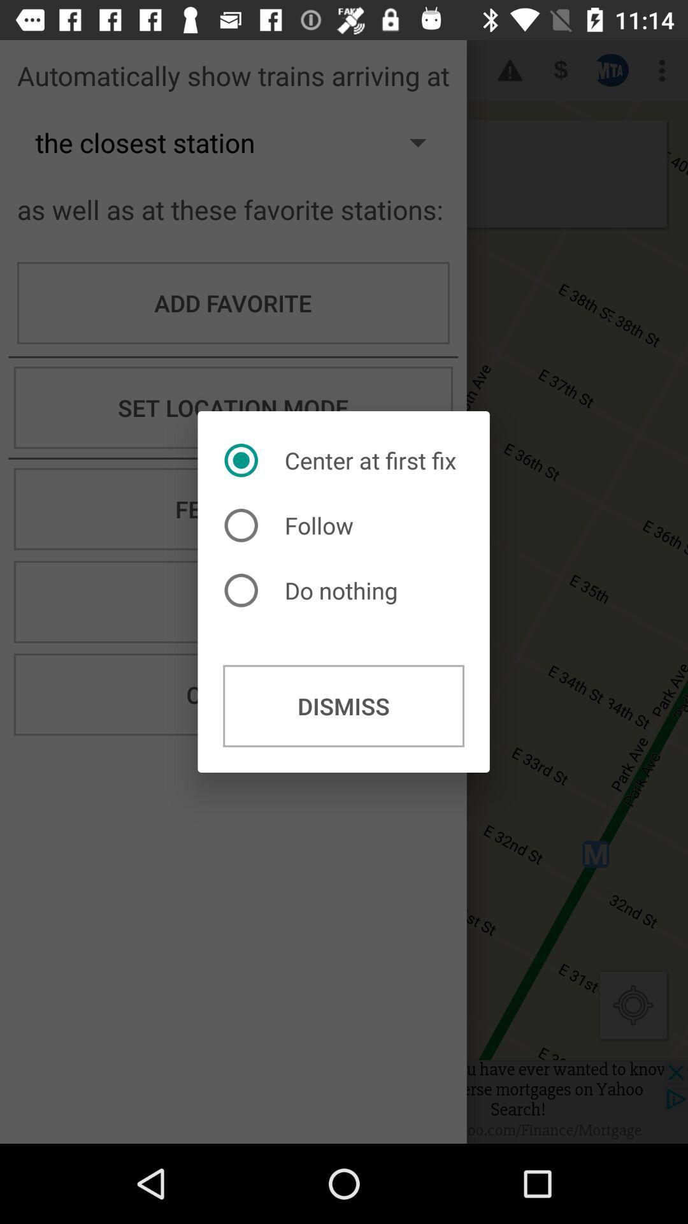 This screenshot has width=688, height=1224. Describe the element at coordinates (314, 590) in the screenshot. I see `do nothing radio button` at that location.